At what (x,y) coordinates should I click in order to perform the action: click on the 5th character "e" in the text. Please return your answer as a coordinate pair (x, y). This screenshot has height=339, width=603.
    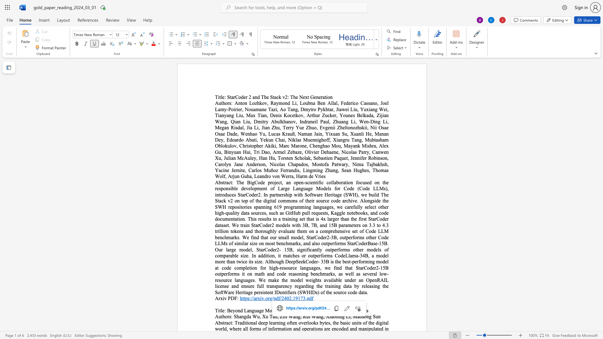
    Looking at the image, I should click on (304, 310).